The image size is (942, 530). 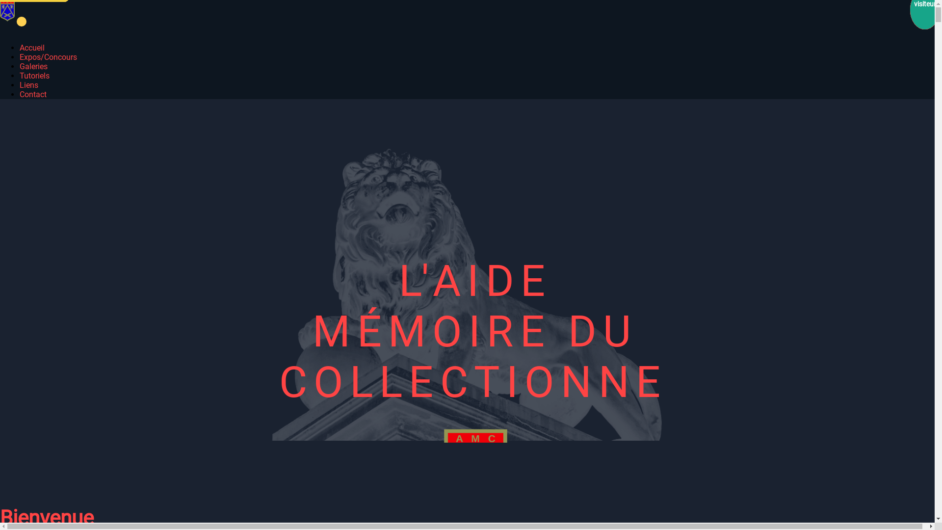 I want to click on 'Expos/Concours', so click(x=48, y=57).